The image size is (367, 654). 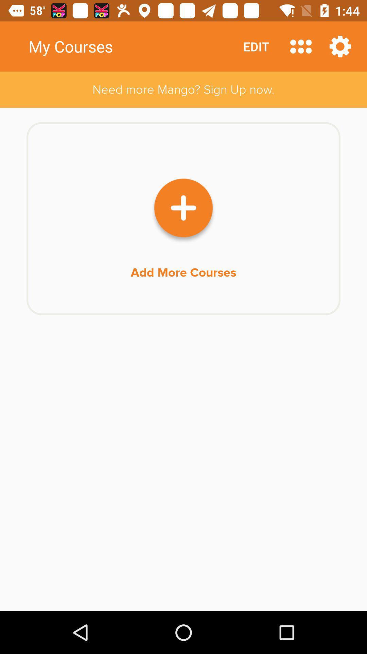 I want to click on edit icon, so click(x=256, y=46).